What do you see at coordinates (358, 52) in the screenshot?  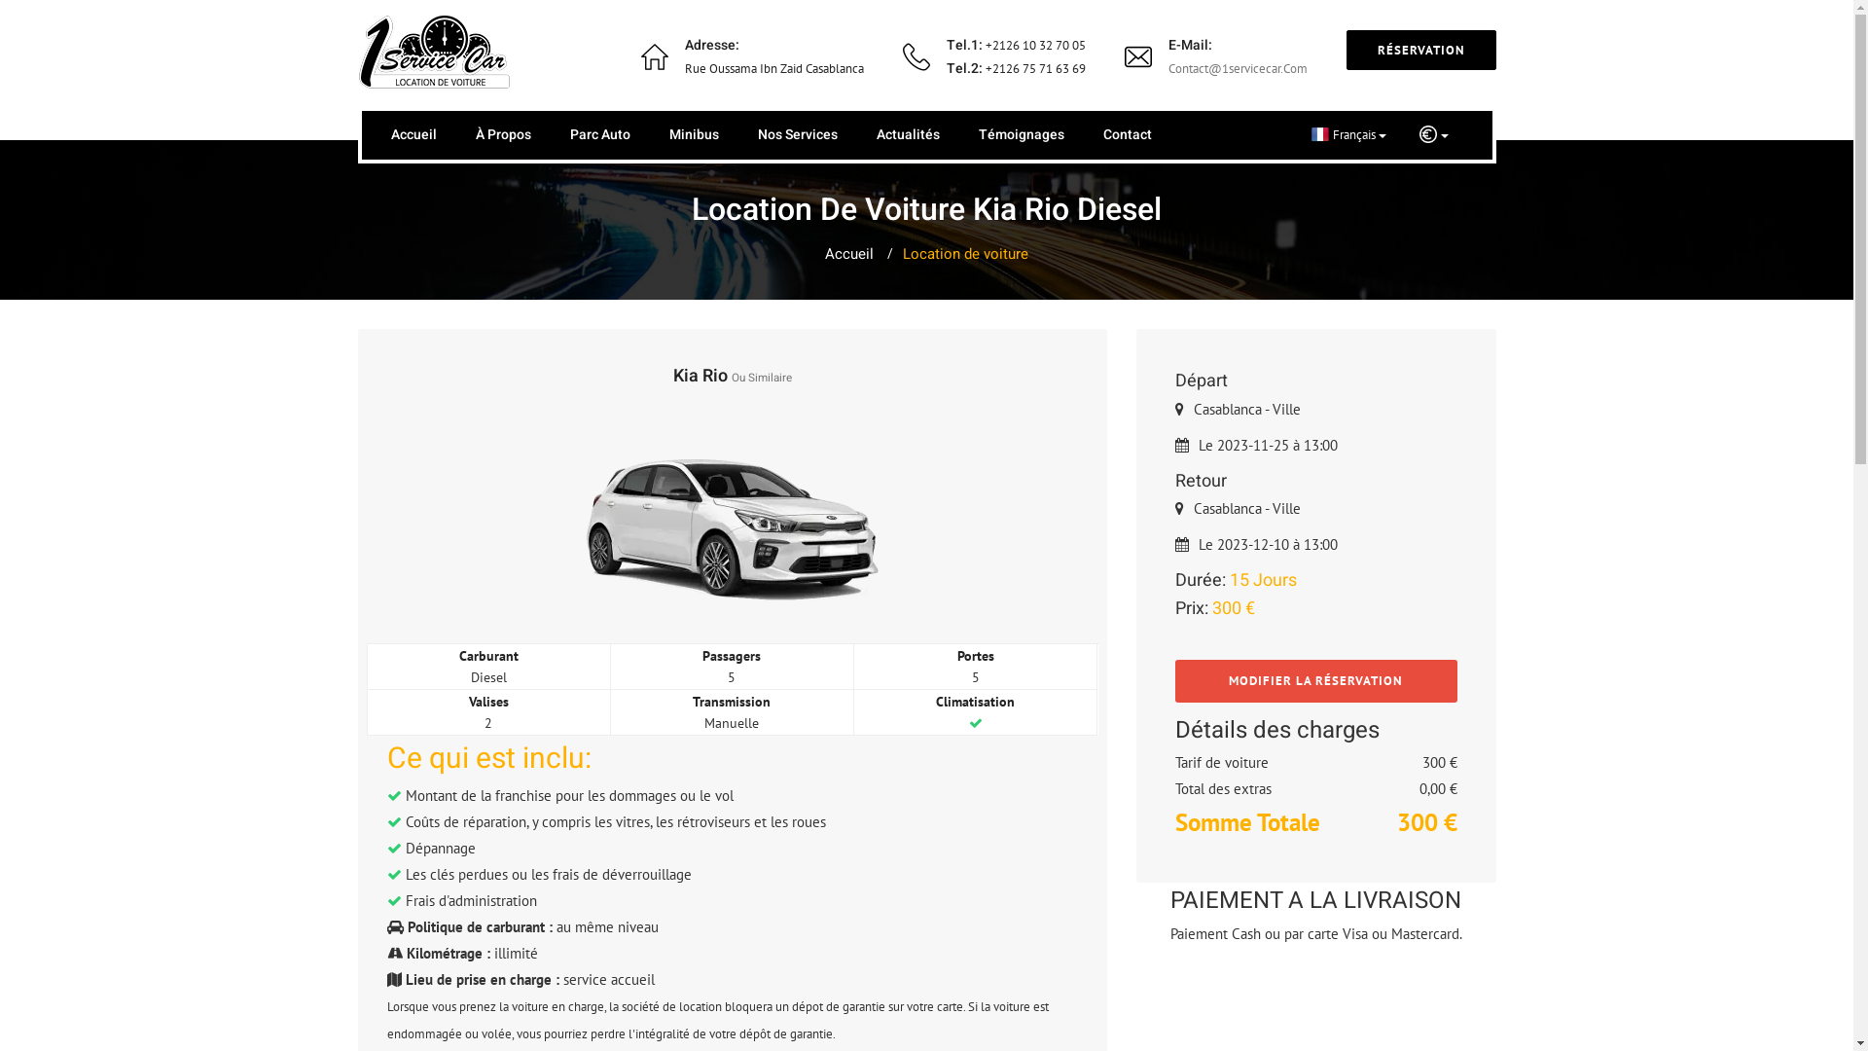 I see `'1ServiceCar'` at bounding box center [358, 52].